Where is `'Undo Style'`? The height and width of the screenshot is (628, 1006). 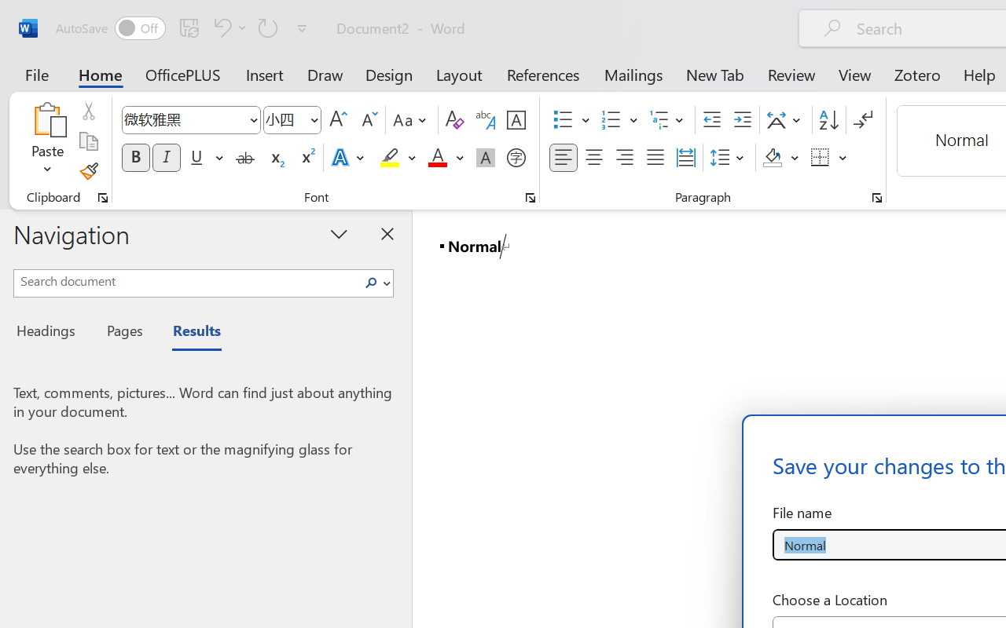
'Undo Style' is located at coordinates (219, 27).